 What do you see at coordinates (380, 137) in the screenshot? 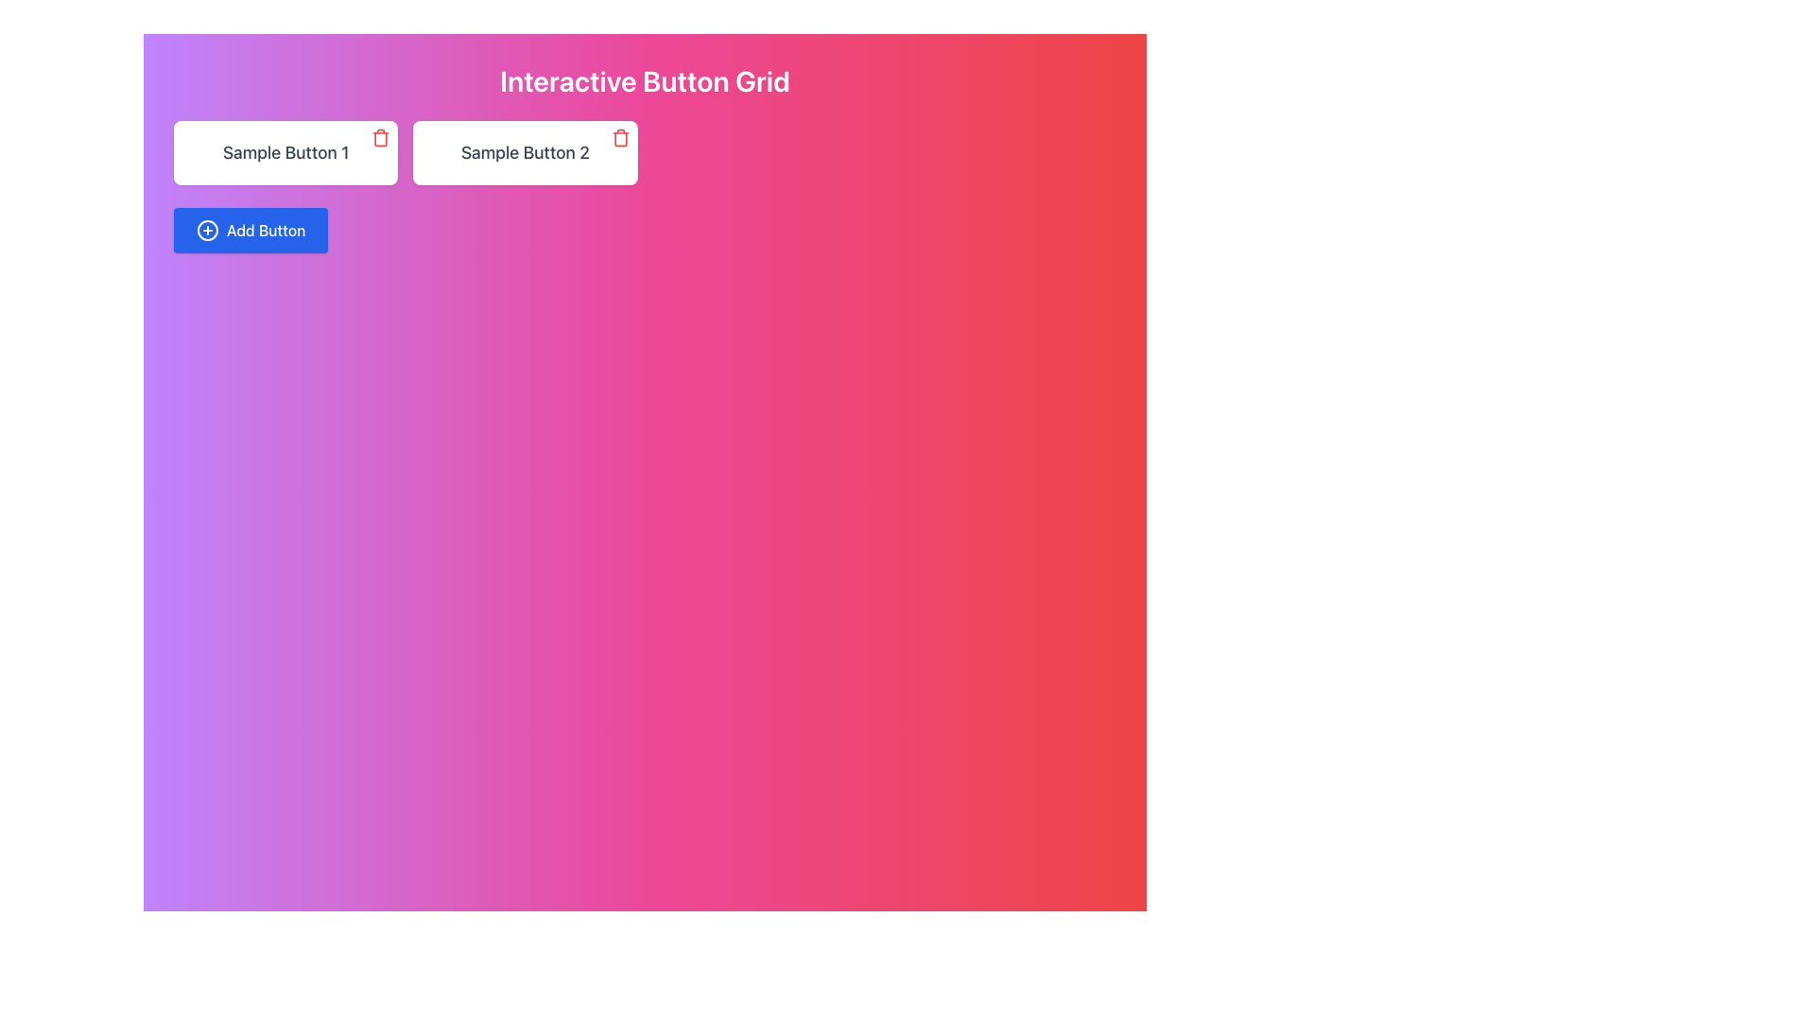
I see `the small red trash icon located at the top-right corner of the 'Sample Button 1' card` at bounding box center [380, 137].